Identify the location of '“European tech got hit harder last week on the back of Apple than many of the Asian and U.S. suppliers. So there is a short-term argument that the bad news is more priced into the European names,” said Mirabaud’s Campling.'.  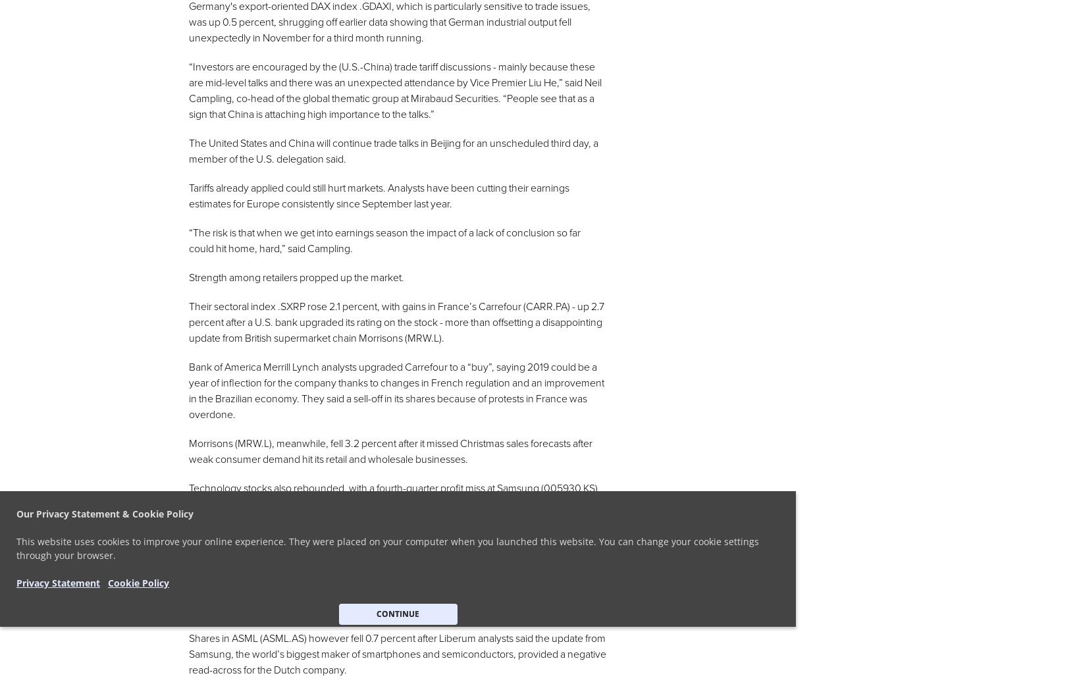
(397, 593).